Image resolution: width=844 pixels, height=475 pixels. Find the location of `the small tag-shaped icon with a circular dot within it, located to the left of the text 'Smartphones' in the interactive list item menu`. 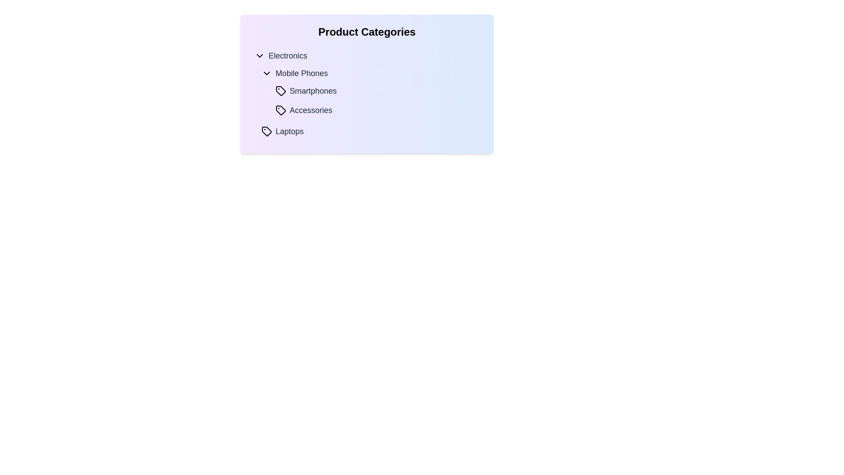

the small tag-shaped icon with a circular dot within it, located to the left of the text 'Smartphones' in the interactive list item menu is located at coordinates (280, 91).